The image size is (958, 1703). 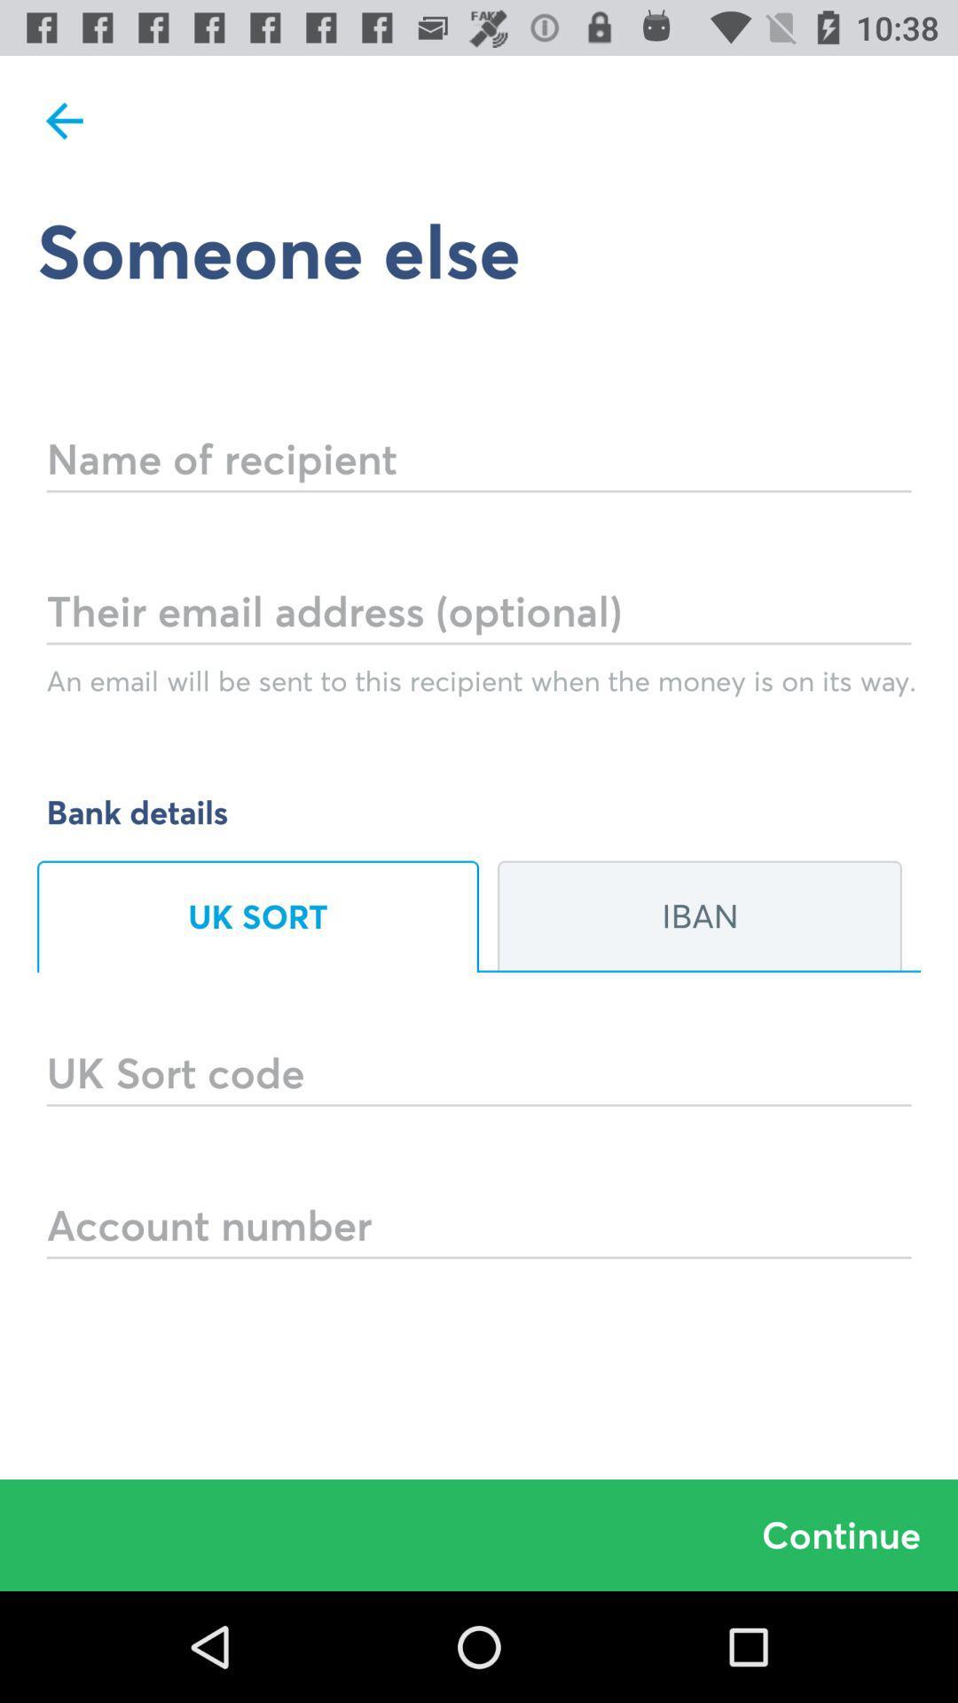 I want to click on the icon below the bank details icon, so click(x=699, y=916).